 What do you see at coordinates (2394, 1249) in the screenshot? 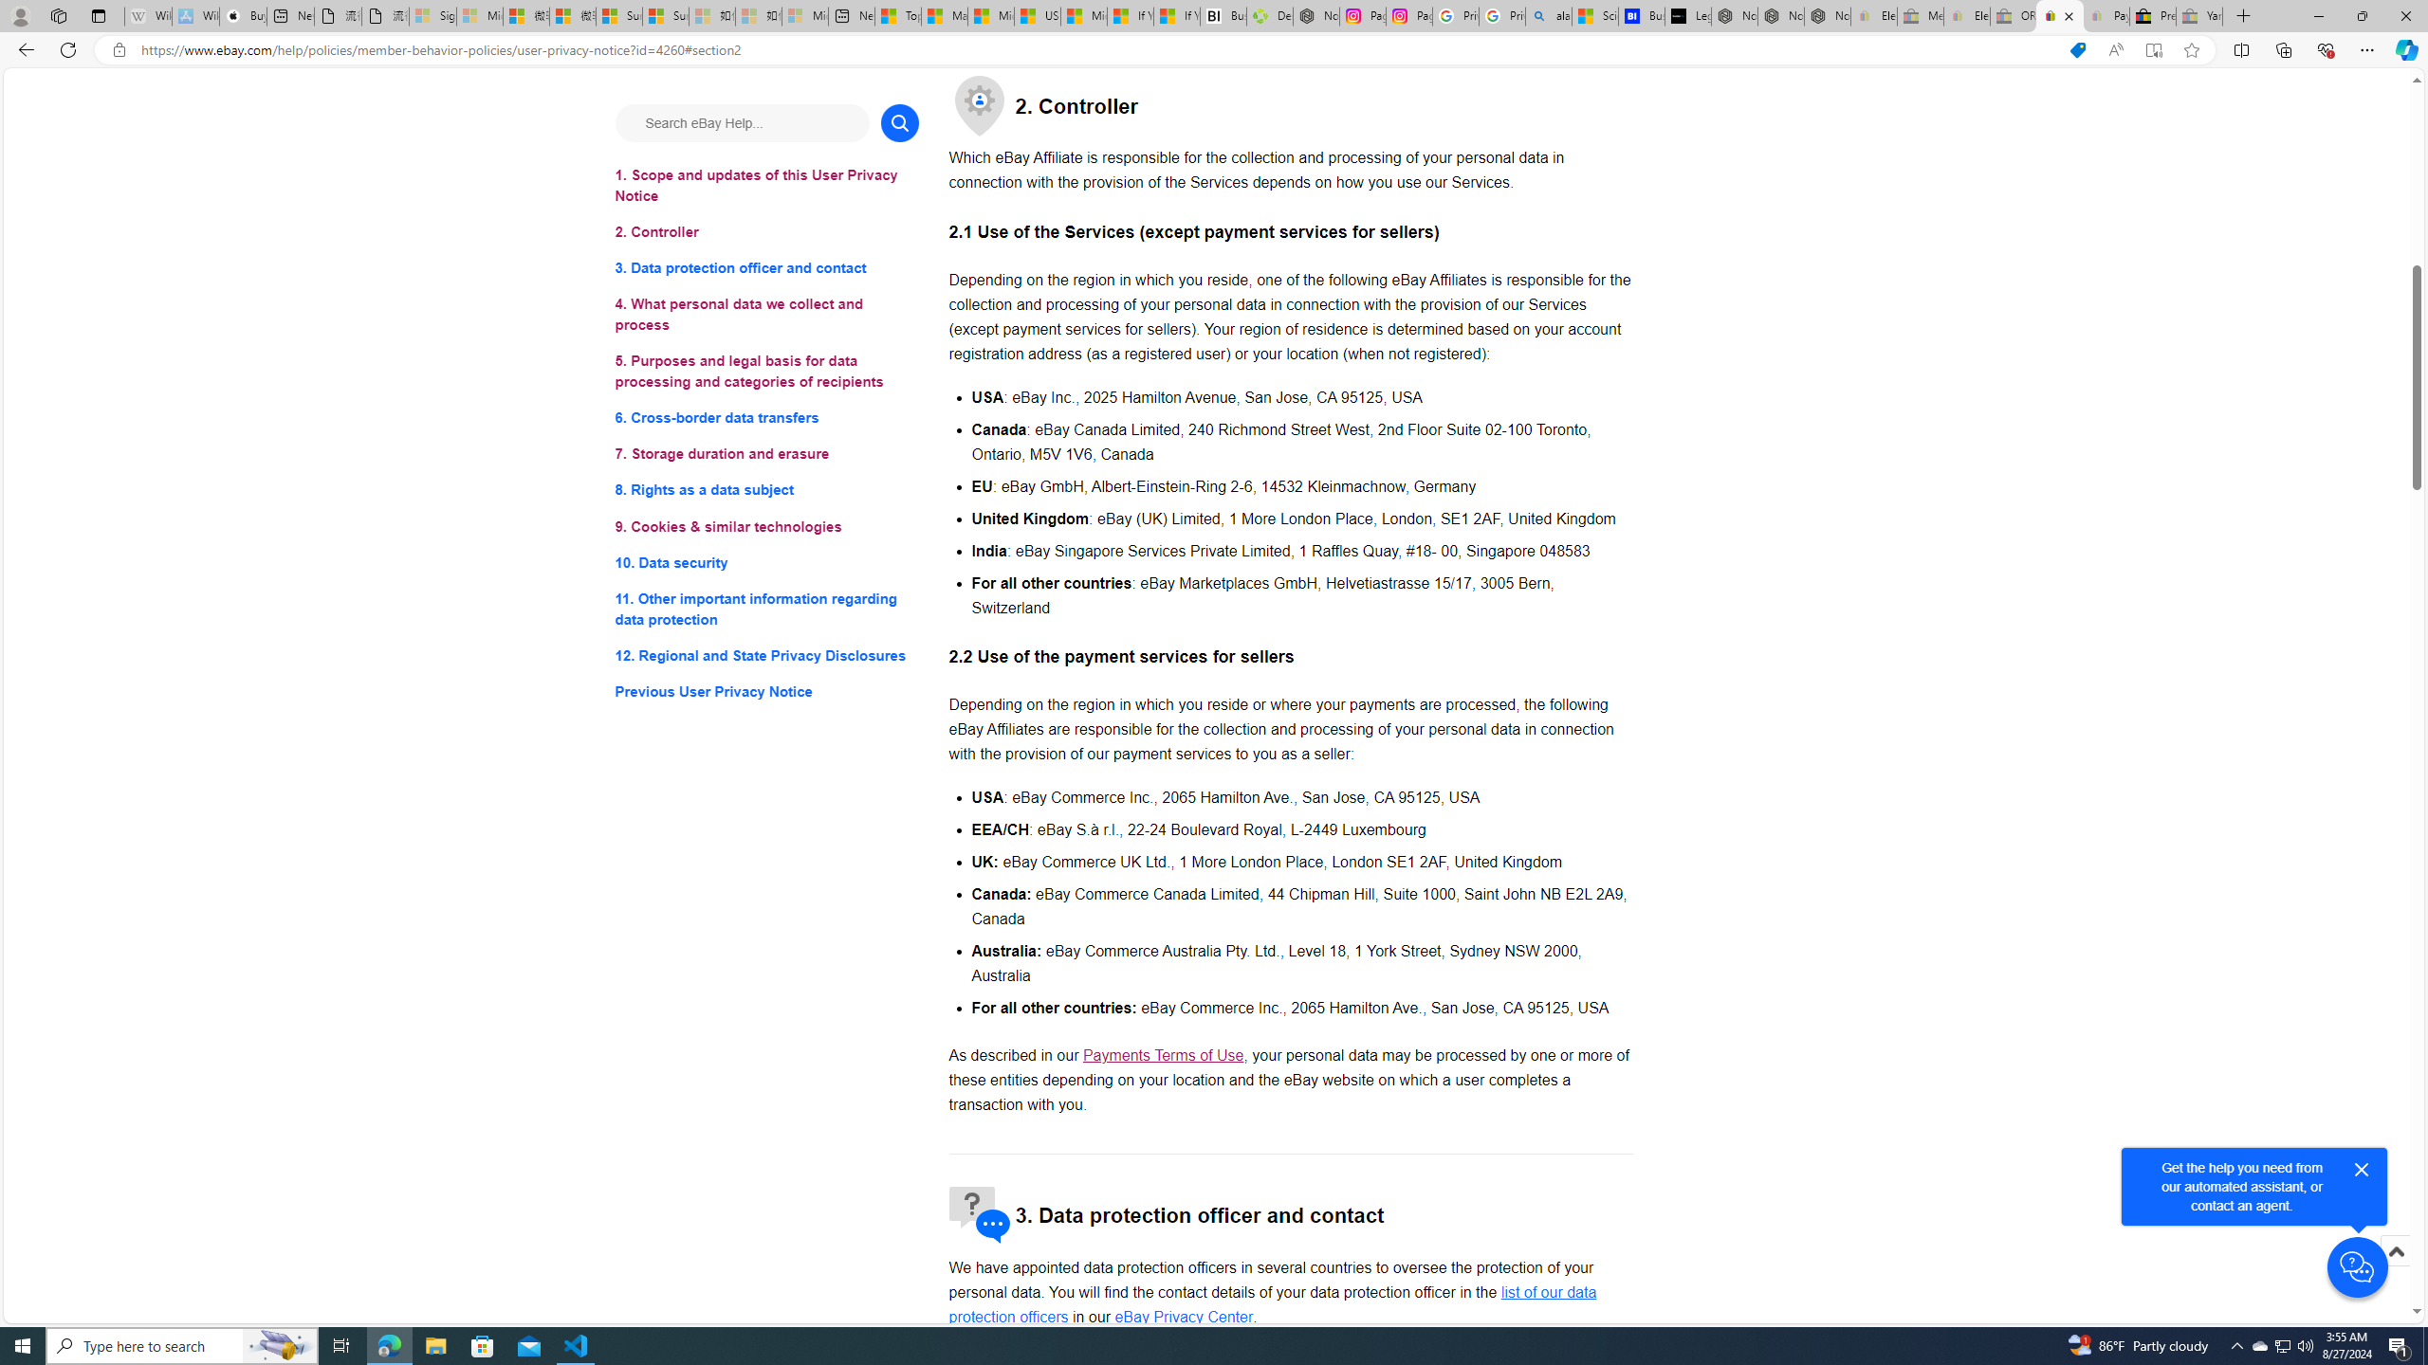
I see `'Scroll to top'` at bounding box center [2394, 1249].